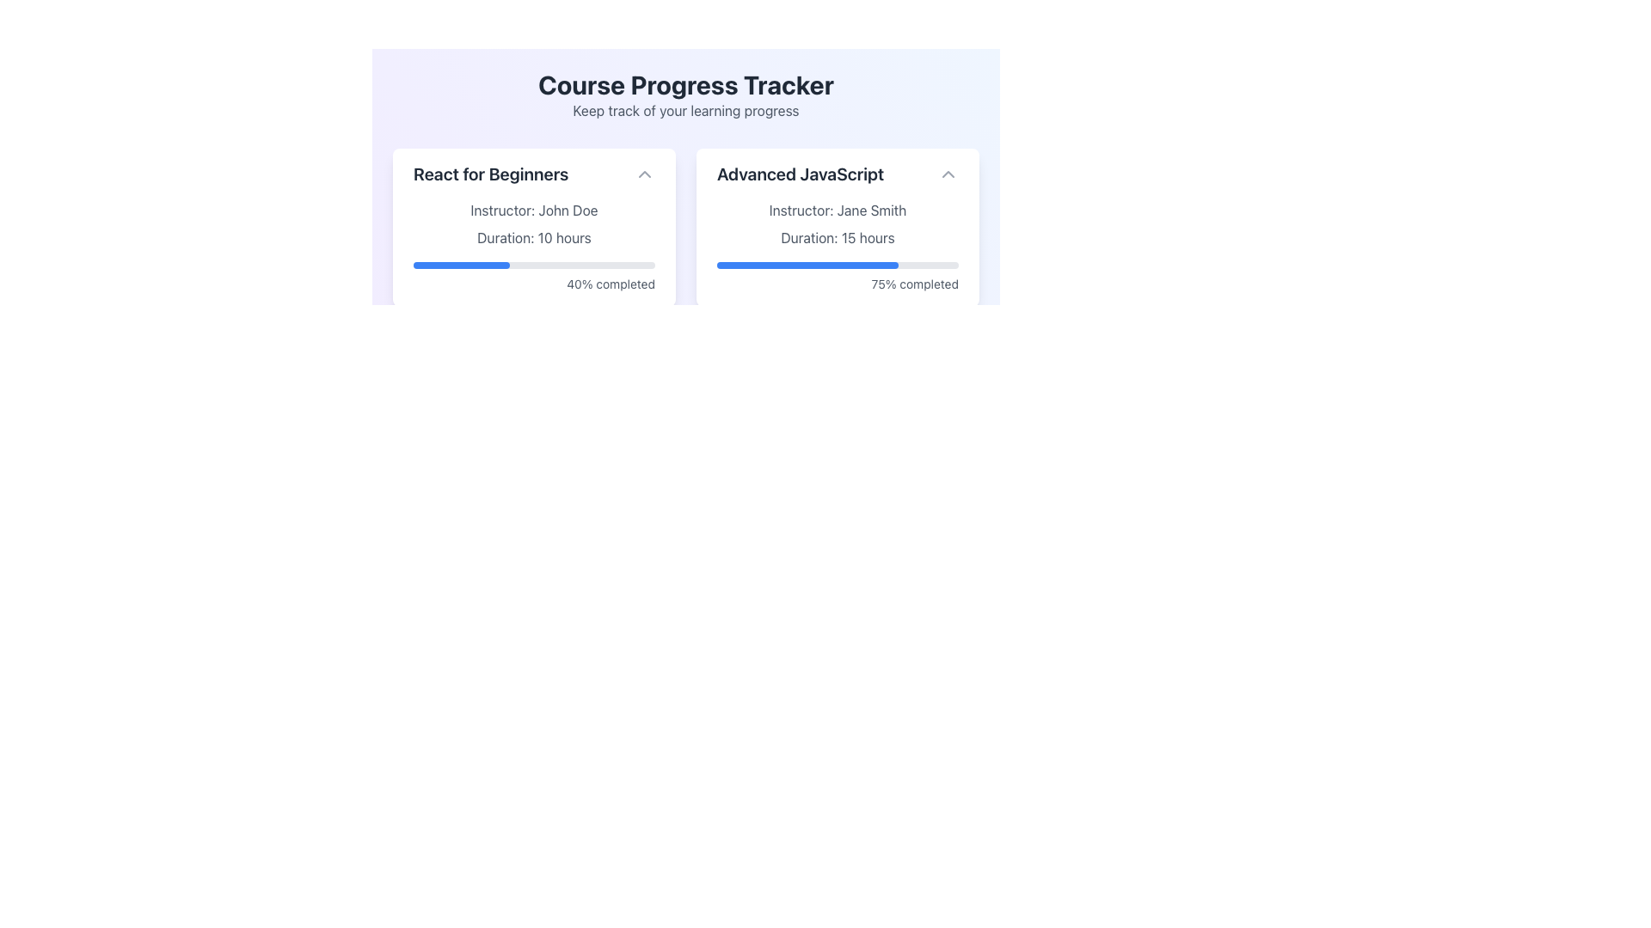  Describe the element at coordinates (533, 265) in the screenshot. I see `the progress visually on the horizontal progress bar located under the text 'Duration: 10 hours' and above '40% completed' in the 'React for Beginners' section` at that location.